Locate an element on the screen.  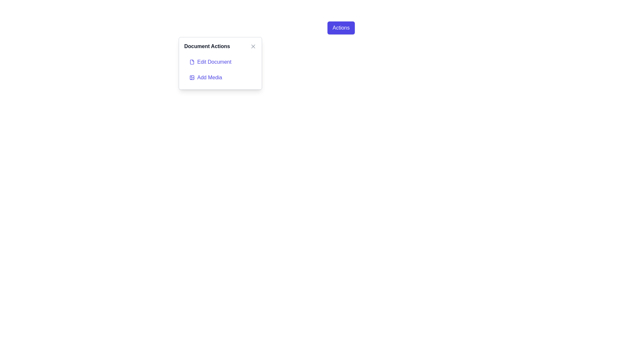
the leading icon in the 'Add Media' row within the 'Document Actions' dropdown menu for visual cues is located at coordinates (192, 77).